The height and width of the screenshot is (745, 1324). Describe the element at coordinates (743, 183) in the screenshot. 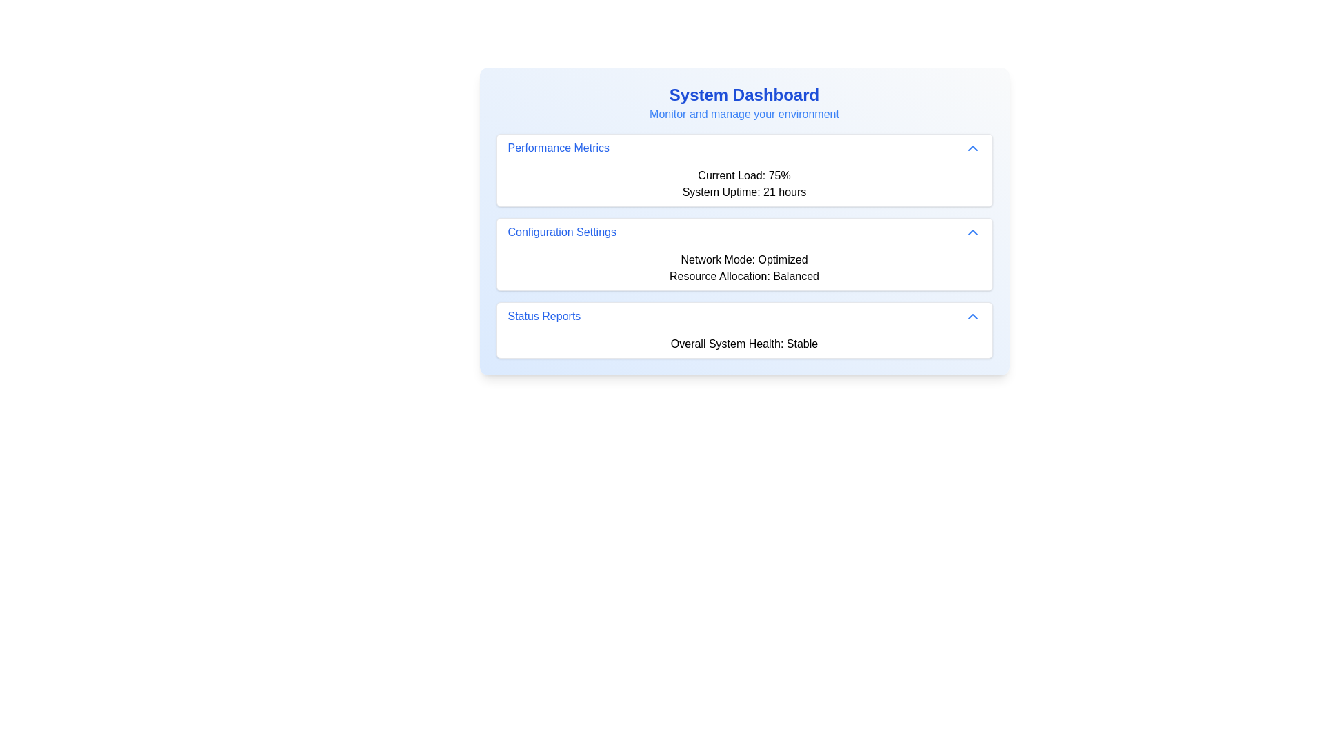

I see `the Text display area that shows 'Current Load: 75%' and 'System Uptime: 21 hours', which is located under the 'Performance Metrics' header` at that location.